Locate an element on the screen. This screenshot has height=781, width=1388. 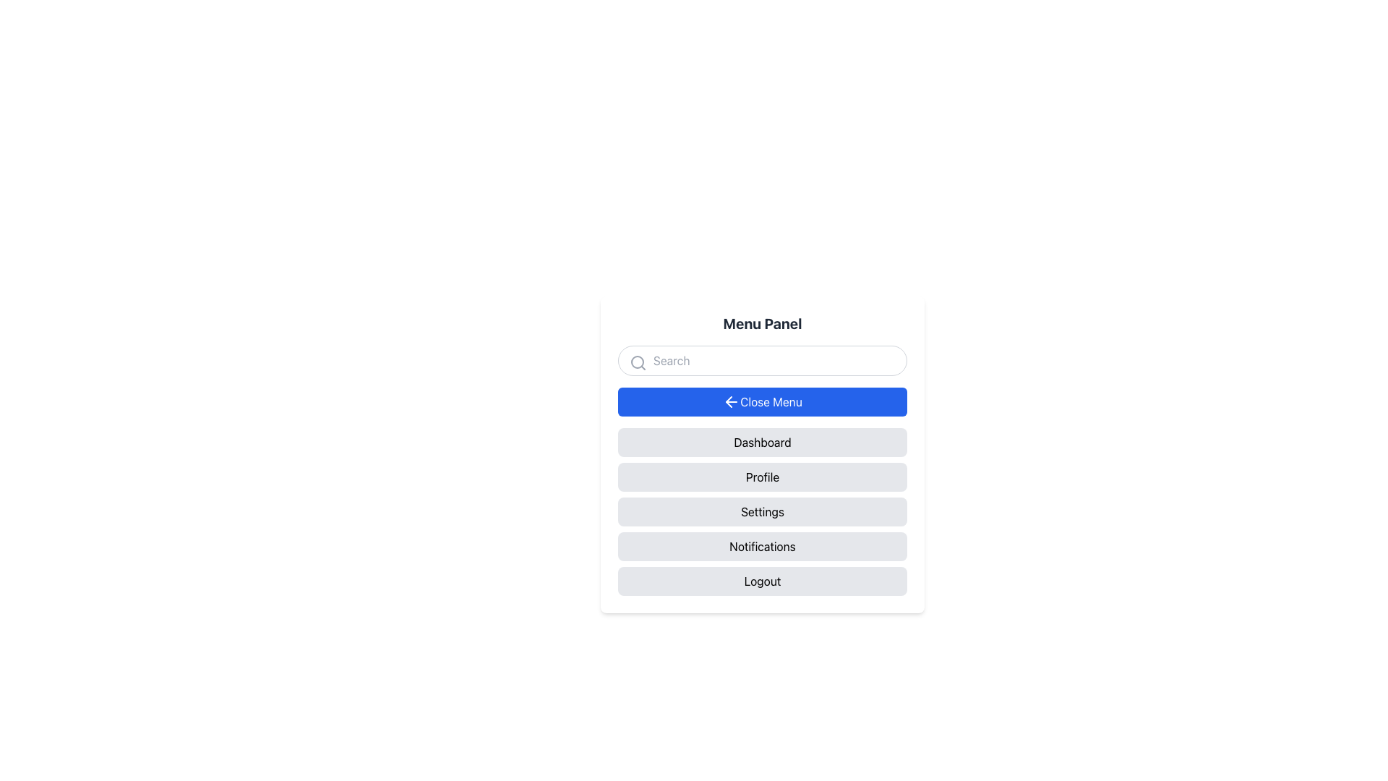
the buttons within the navigation panel located centrally beneath the search bar to either navigate or close the menu is located at coordinates (762, 453).